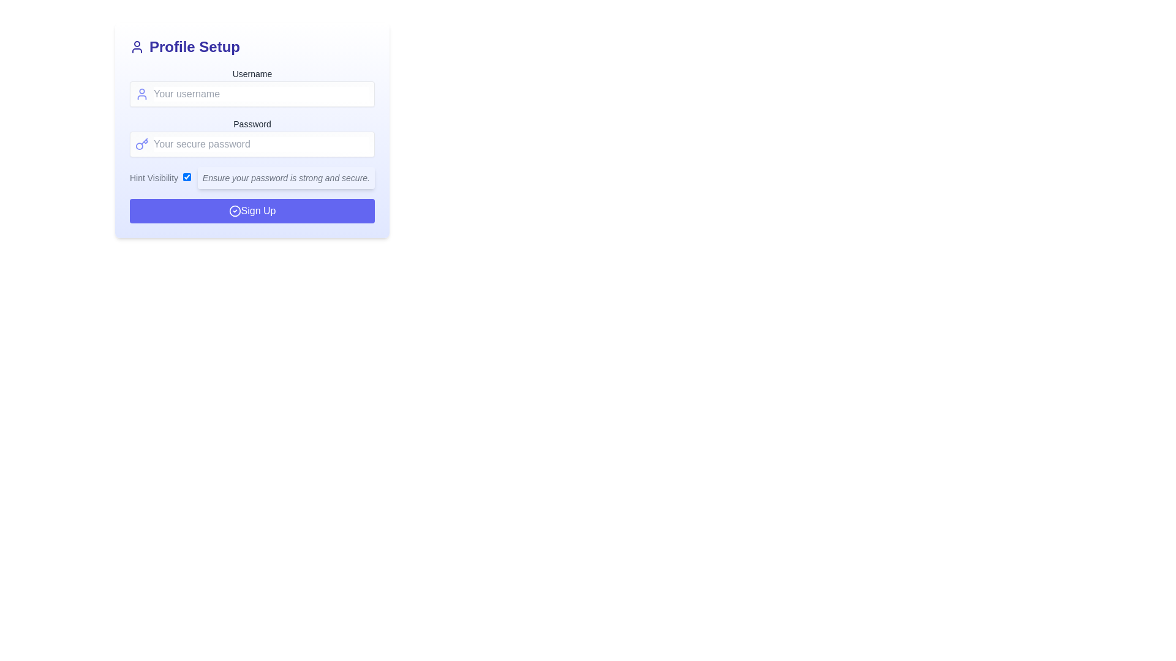  I want to click on the purple 'Sign Up' Submit button located at the bottom of the 'Profile Setup' panel, so click(252, 210).